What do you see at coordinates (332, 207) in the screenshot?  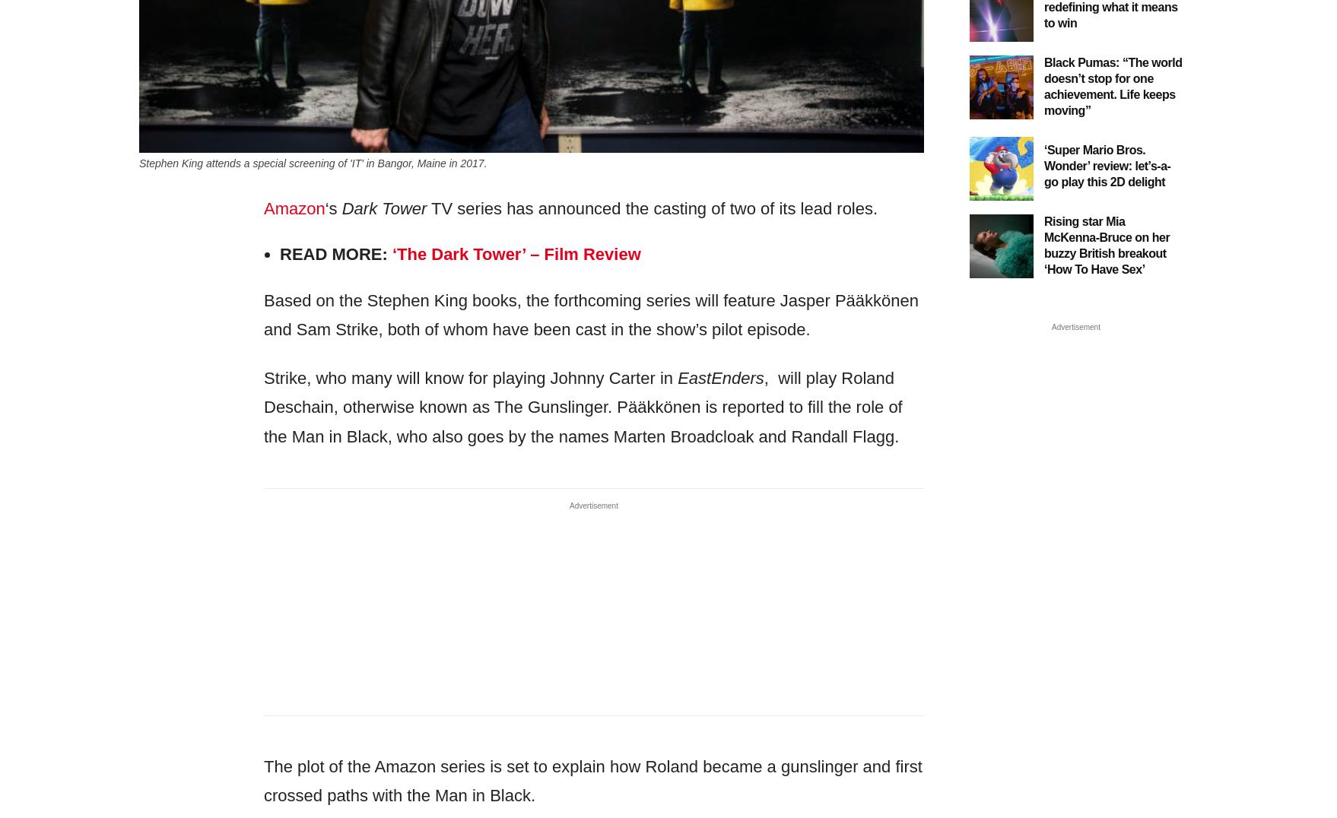 I see `'‘s'` at bounding box center [332, 207].